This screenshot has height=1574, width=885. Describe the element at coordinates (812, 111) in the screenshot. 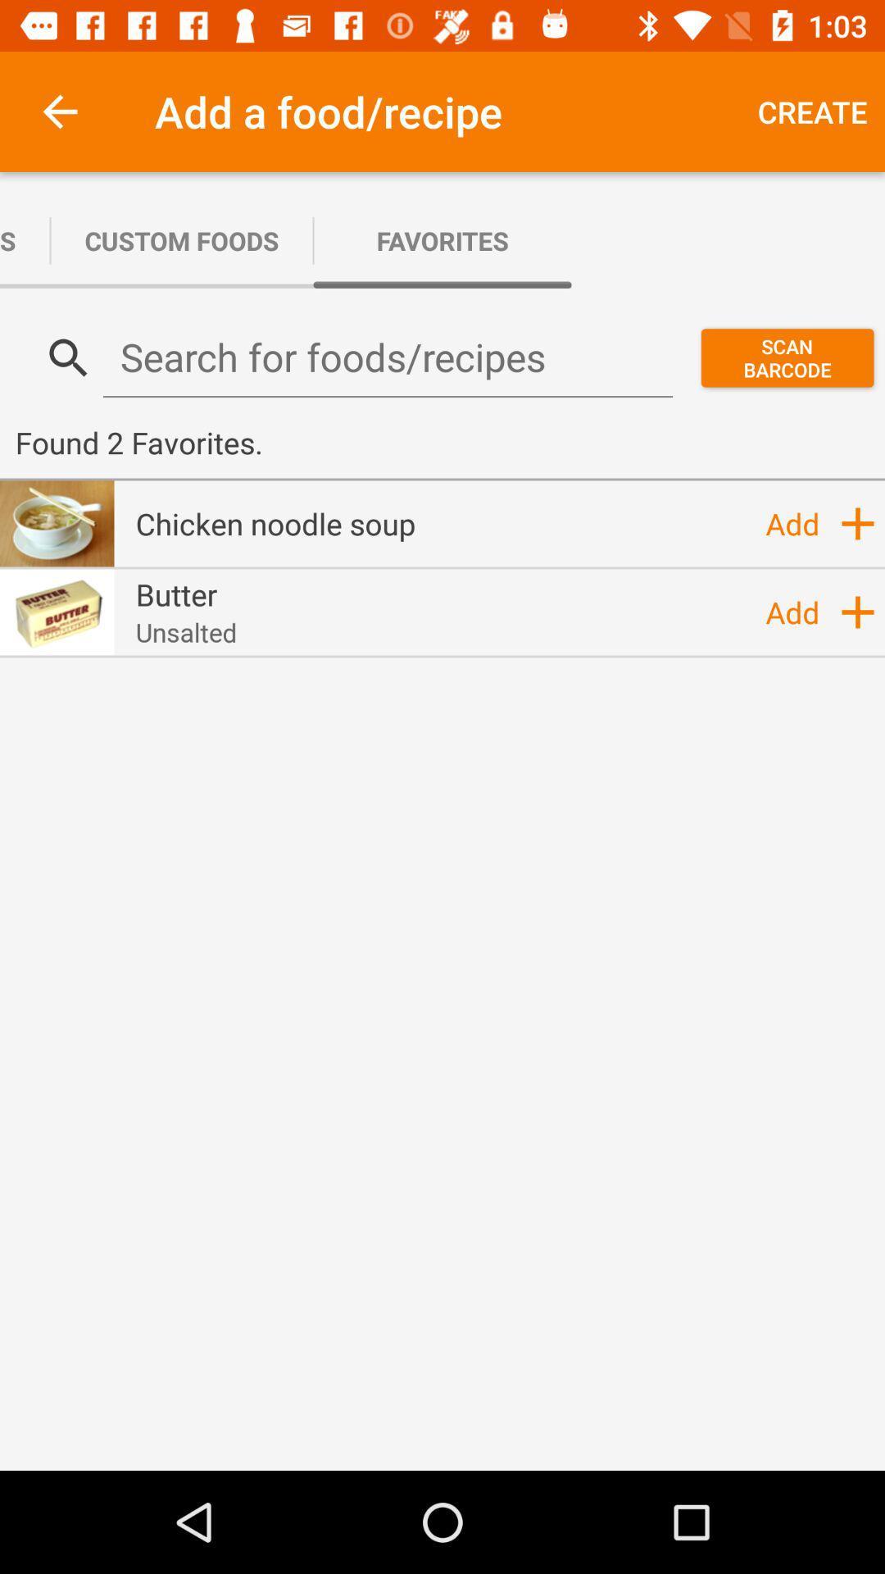

I see `icon next to the add a food item` at that location.